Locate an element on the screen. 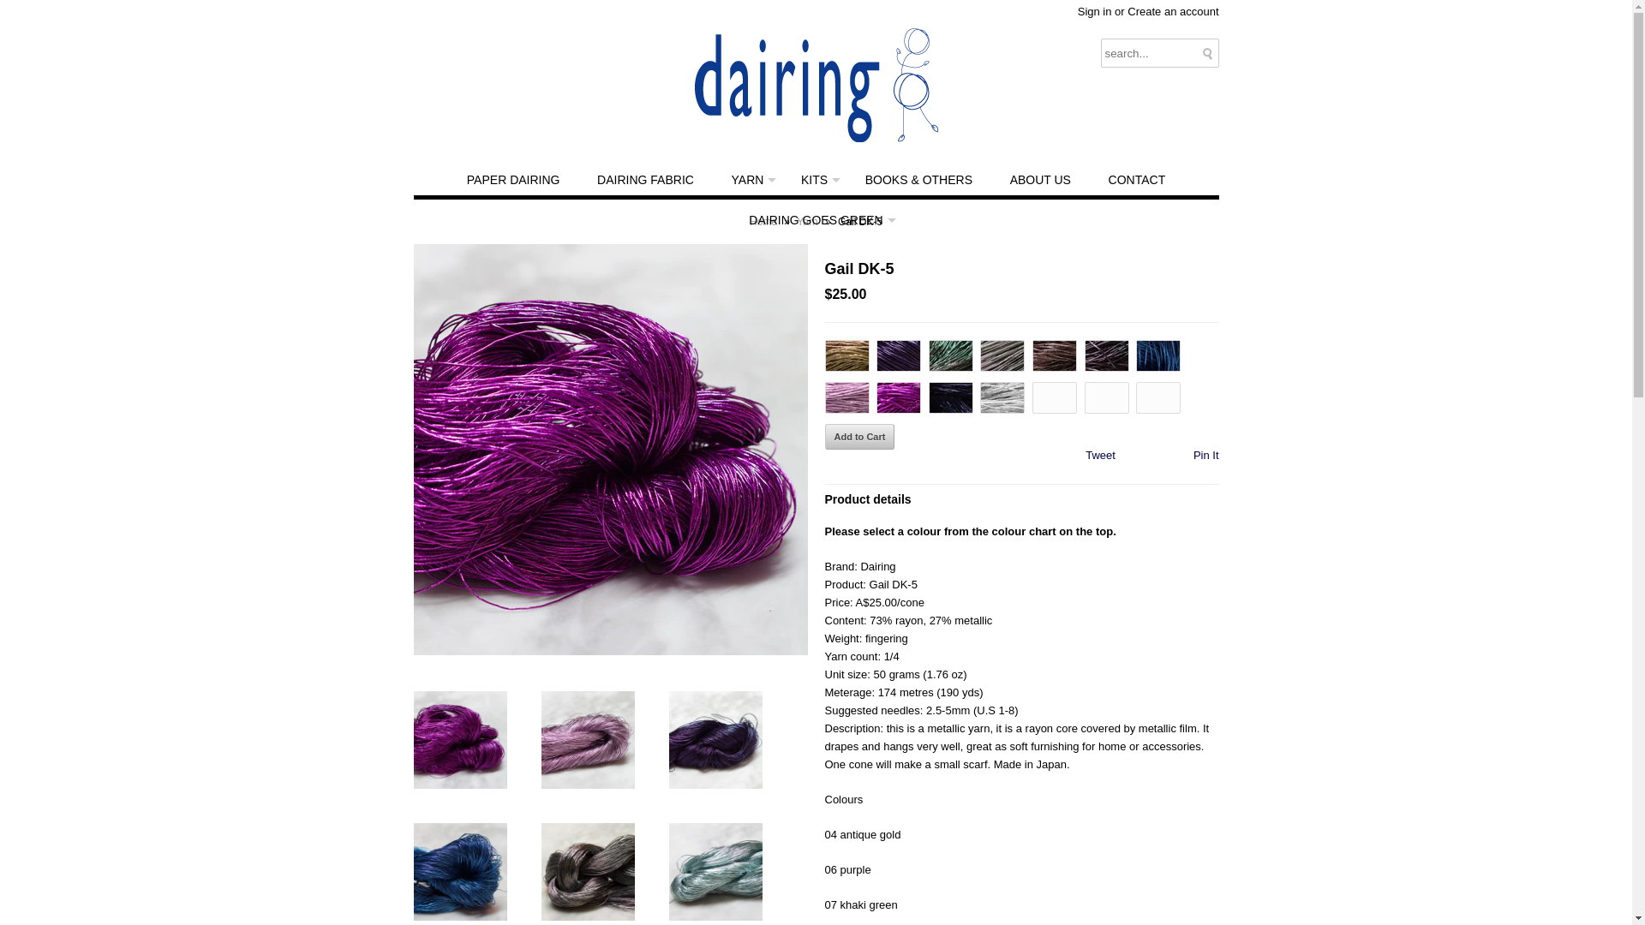 The image size is (1645, 925). 'Create an account' is located at coordinates (1171, 11).